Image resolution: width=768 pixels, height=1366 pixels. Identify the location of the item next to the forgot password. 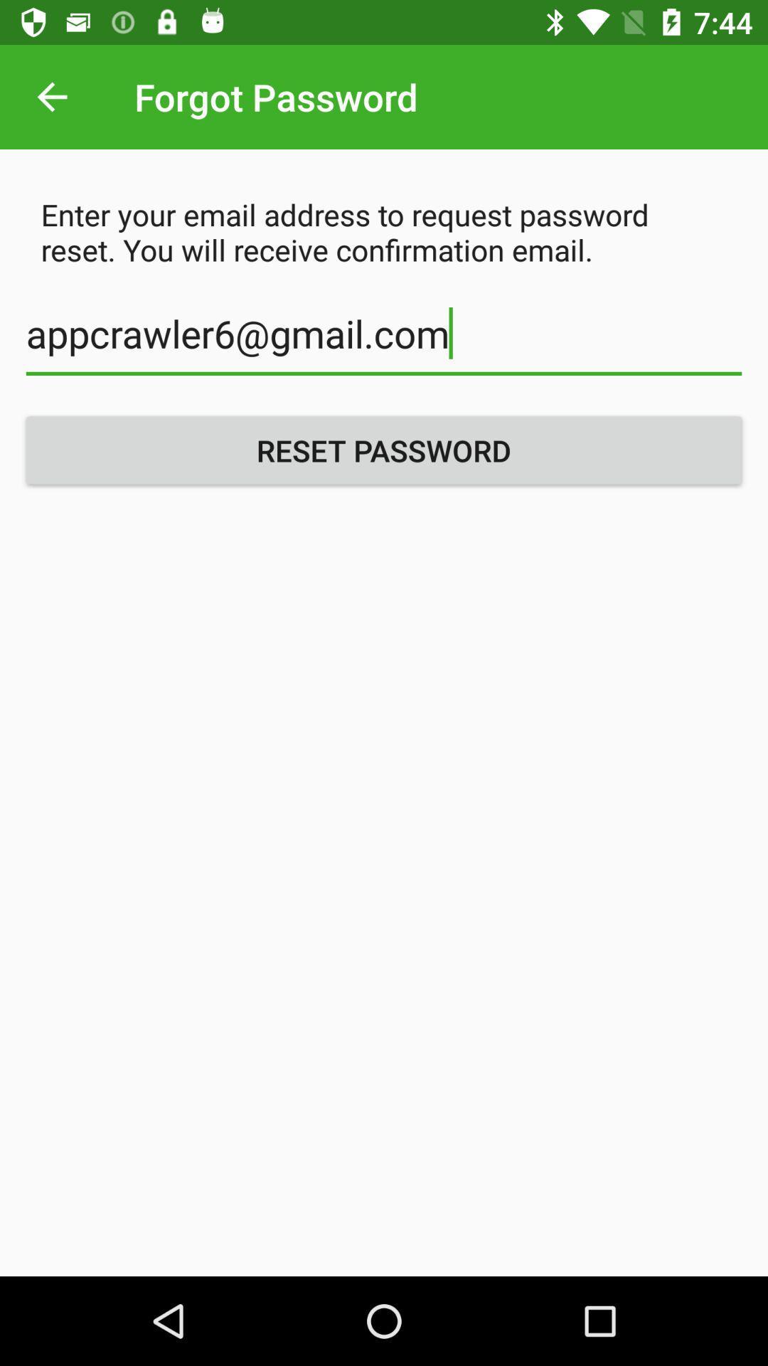
(51, 96).